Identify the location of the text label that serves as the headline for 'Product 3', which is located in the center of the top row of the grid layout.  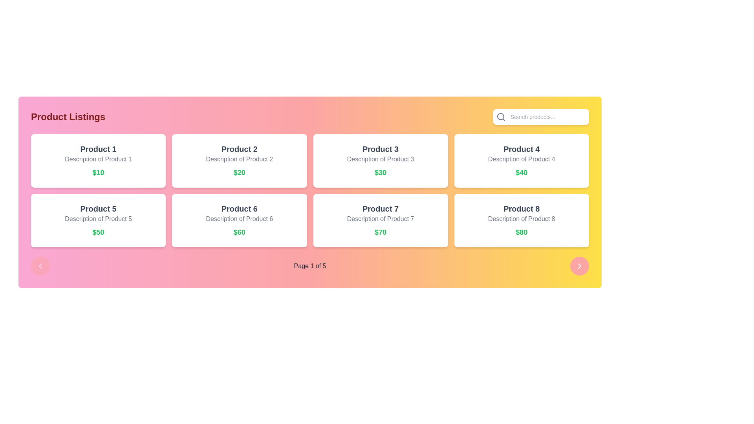
(381, 149).